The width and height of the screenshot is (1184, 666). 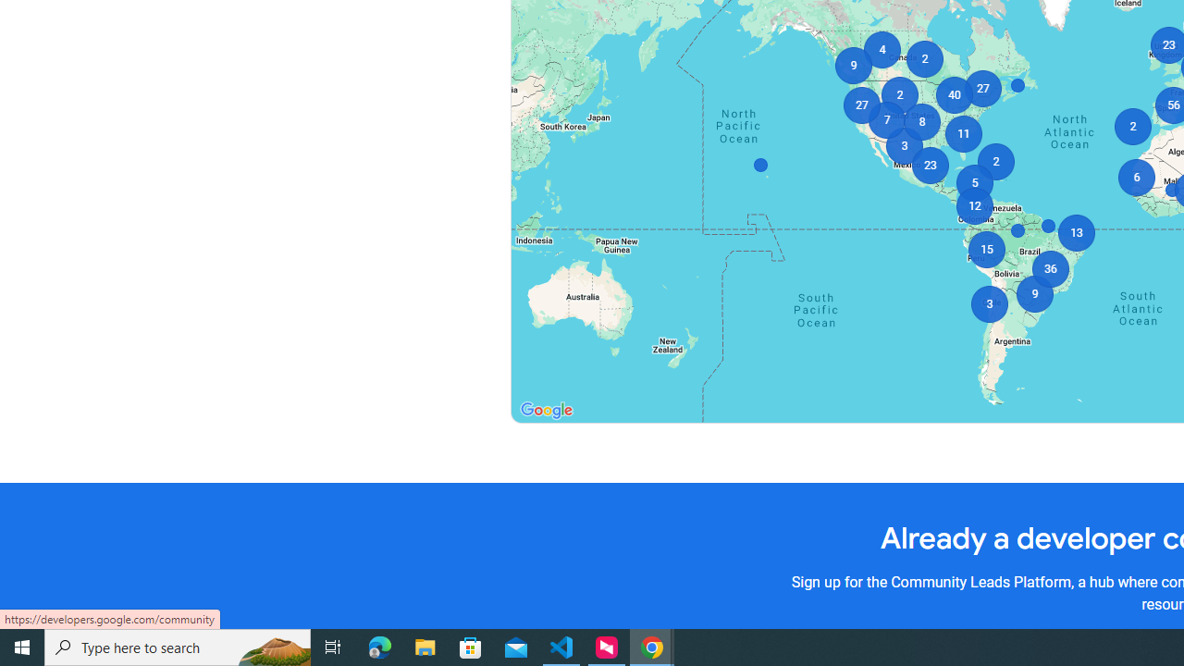 What do you see at coordinates (1076, 231) in the screenshot?
I see `'13'` at bounding box center [1076, 231].